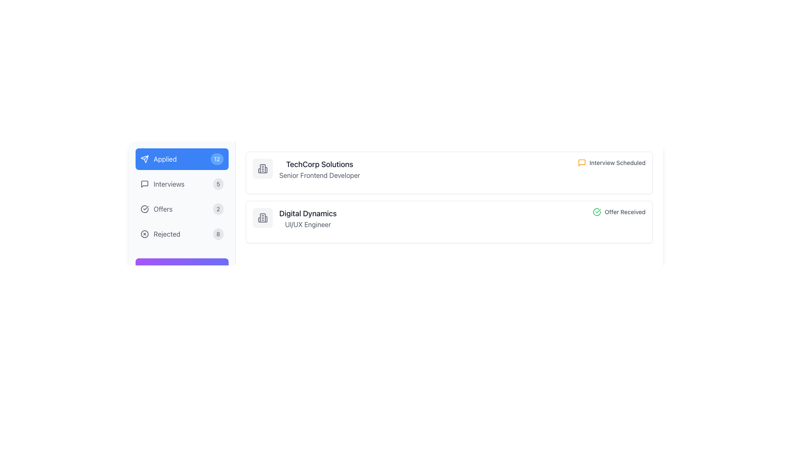  What do you see at coordinates (218, 208) in the screenshot?
I see `the badge that displays the count of items or notifications associated with the 'Offers' sidebar option` at bounding box center [218, 208].